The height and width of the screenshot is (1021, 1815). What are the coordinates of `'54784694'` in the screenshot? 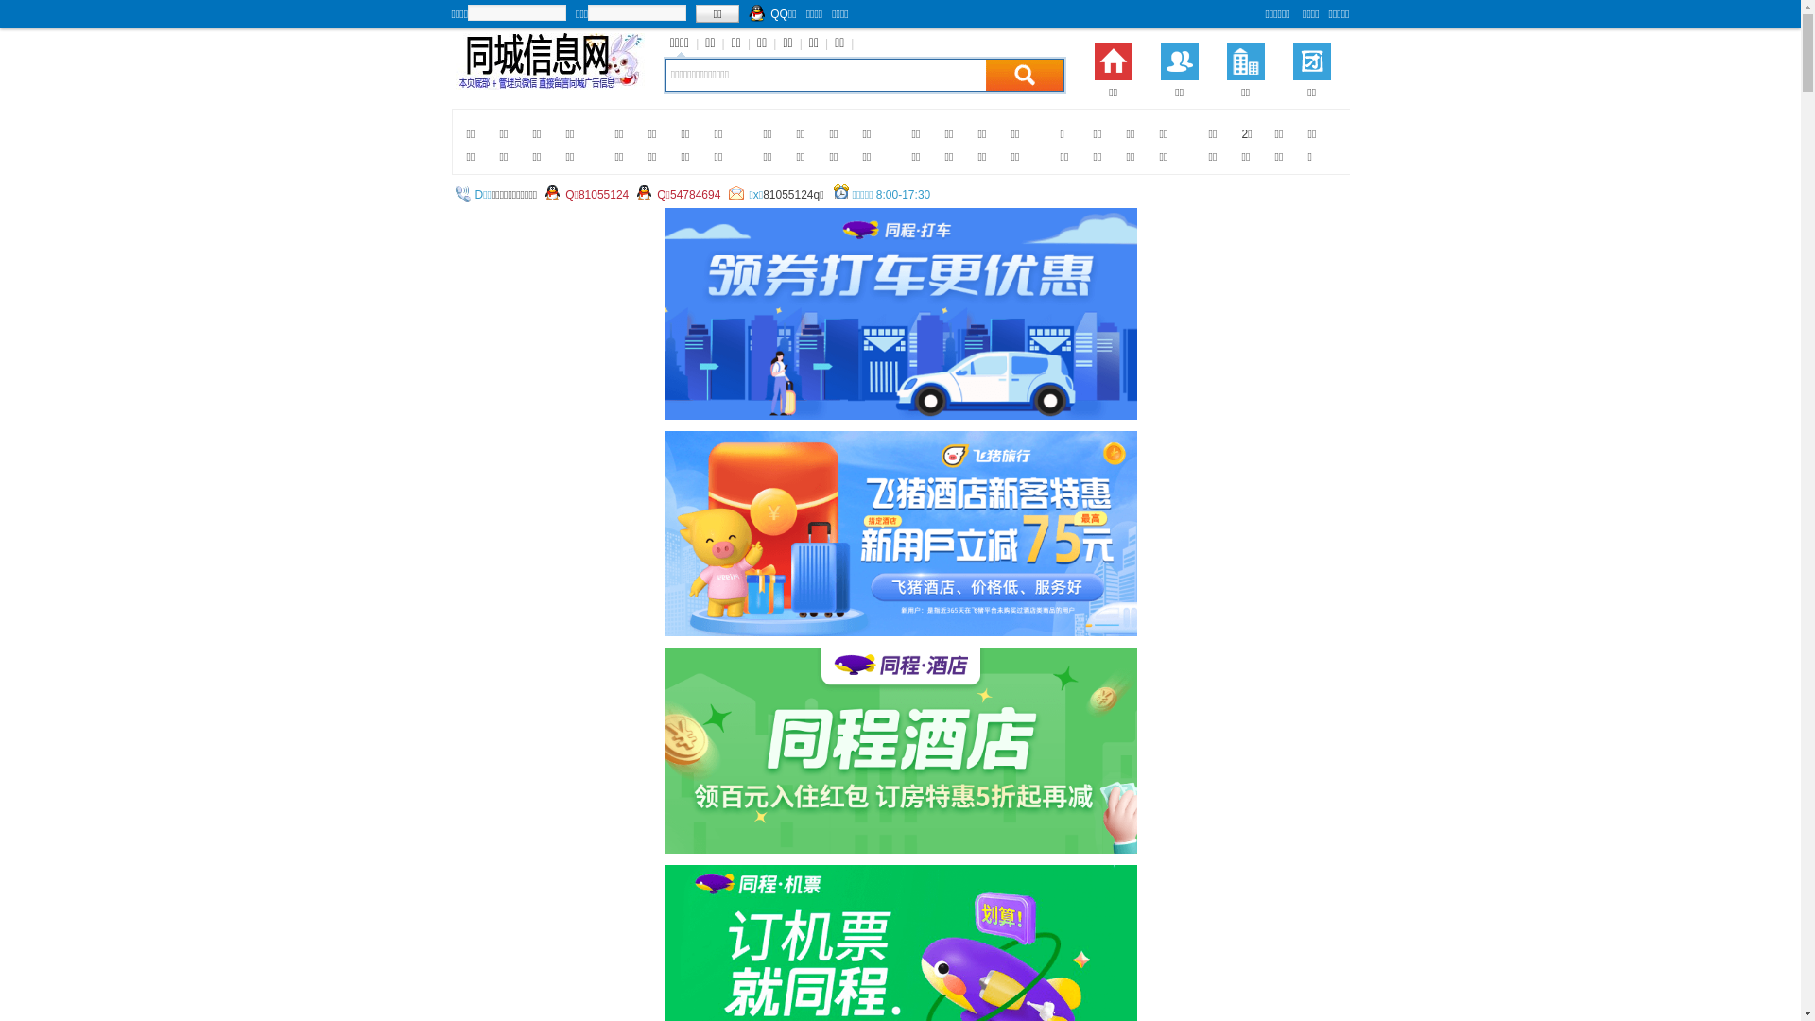 It's located at (694, 194).